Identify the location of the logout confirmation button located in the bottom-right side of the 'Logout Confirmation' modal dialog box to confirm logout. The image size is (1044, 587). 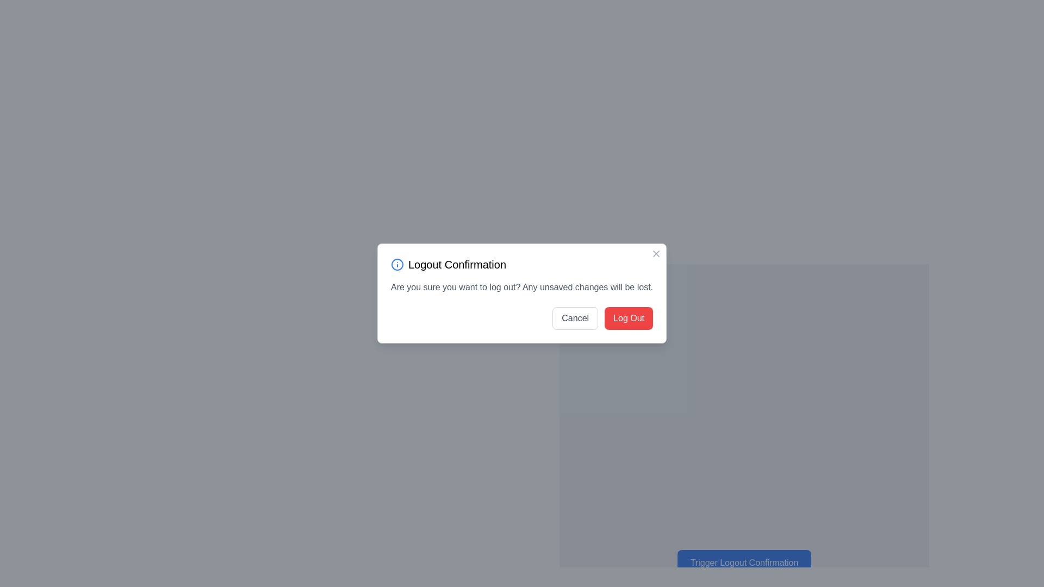
(629, 318).